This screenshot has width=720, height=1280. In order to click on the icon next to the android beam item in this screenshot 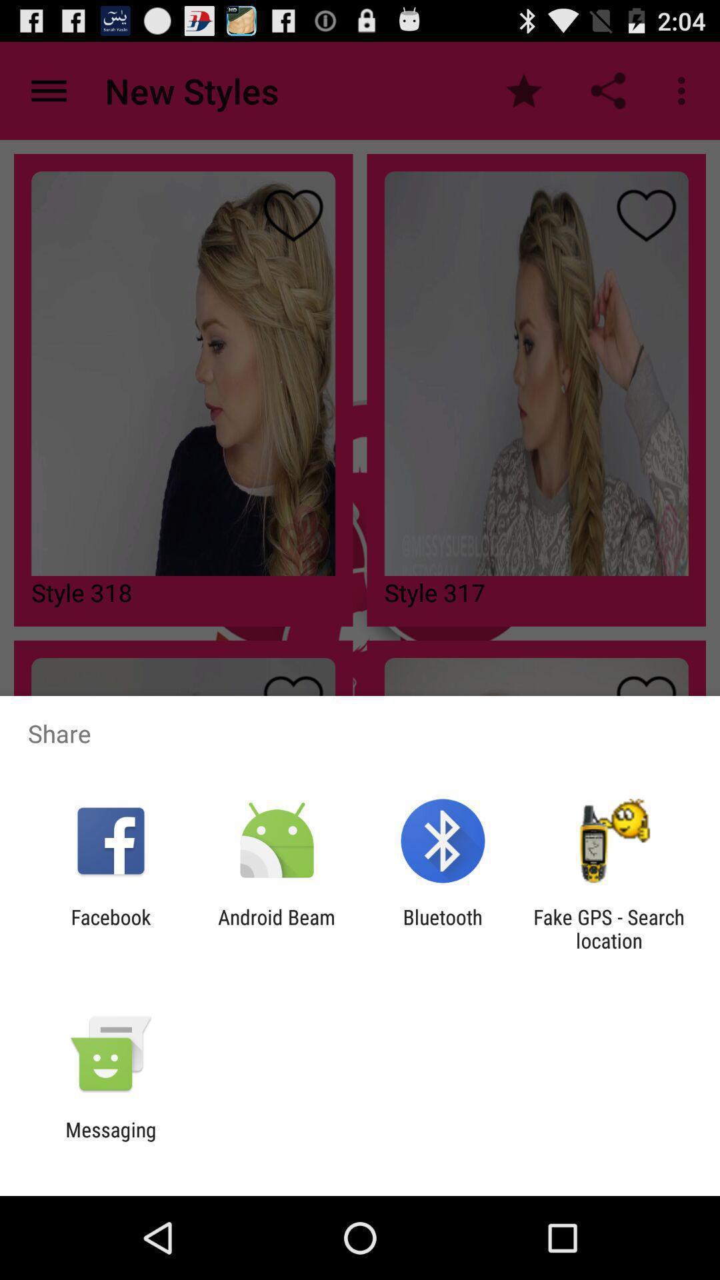, I will do `click(110, 928)`.